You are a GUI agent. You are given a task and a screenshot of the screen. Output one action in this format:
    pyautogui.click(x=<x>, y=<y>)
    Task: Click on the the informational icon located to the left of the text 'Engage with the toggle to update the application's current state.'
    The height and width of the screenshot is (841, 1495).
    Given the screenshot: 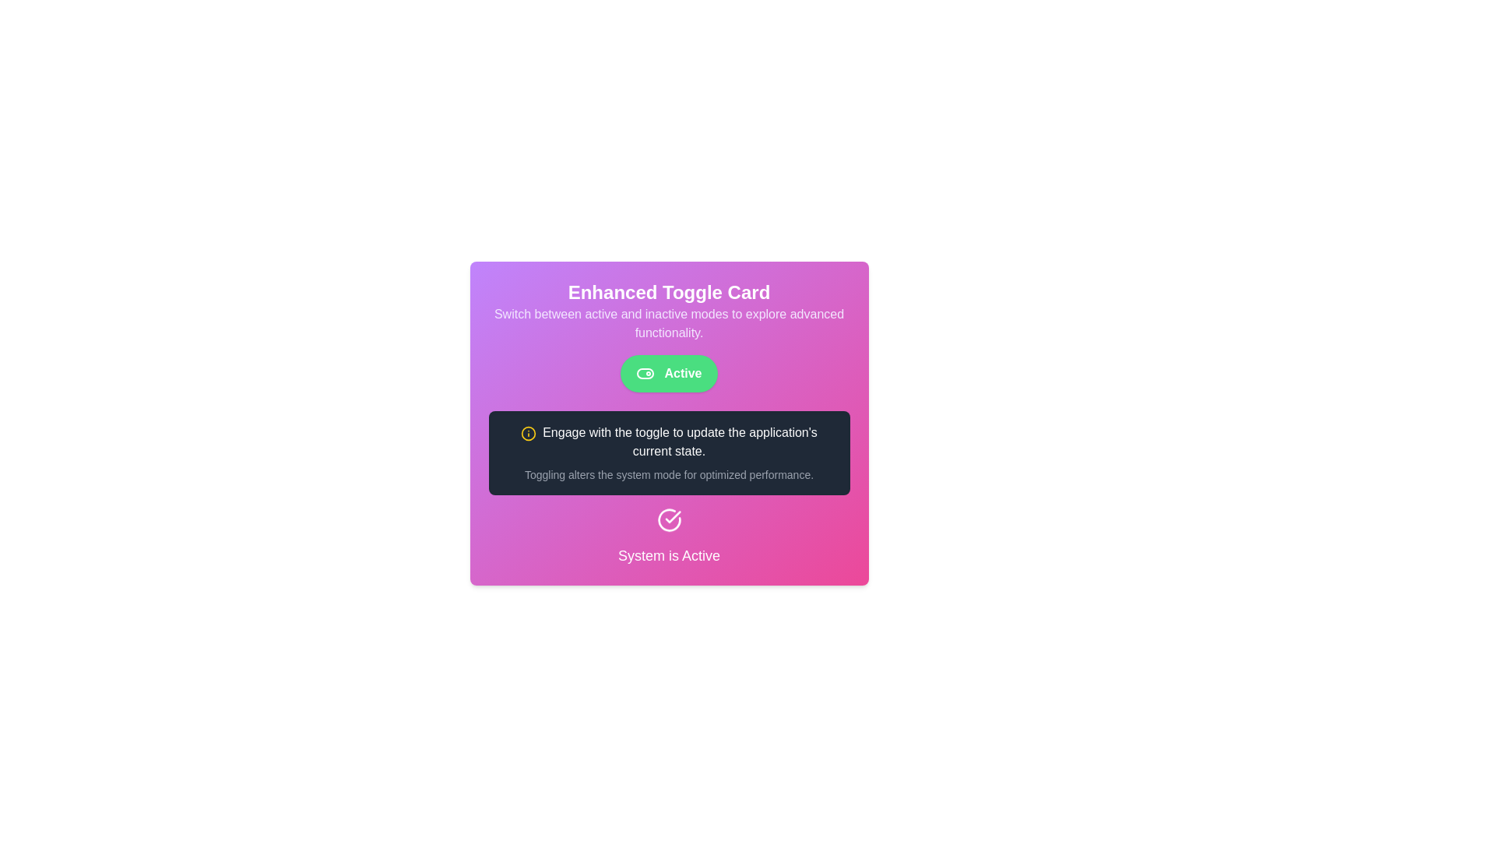 What is the action you would take?
    pyautogui.click(x=529, y=433)
    